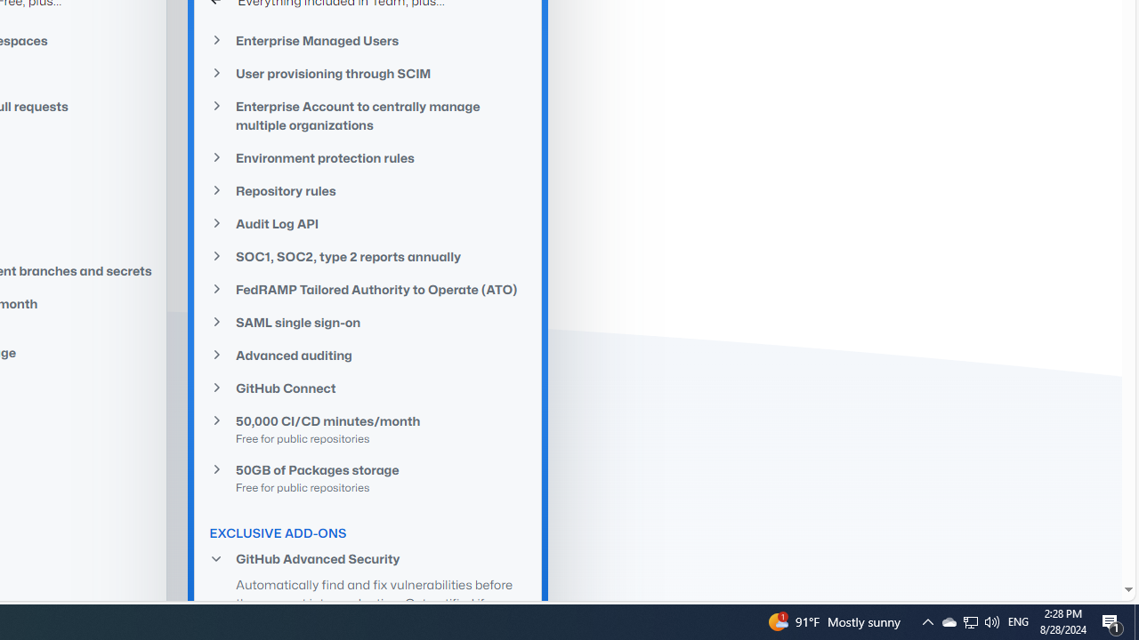 This screenshot has width=1139, height=640. I want to click on 'Enterprise Managed Users', so click(368, 40).